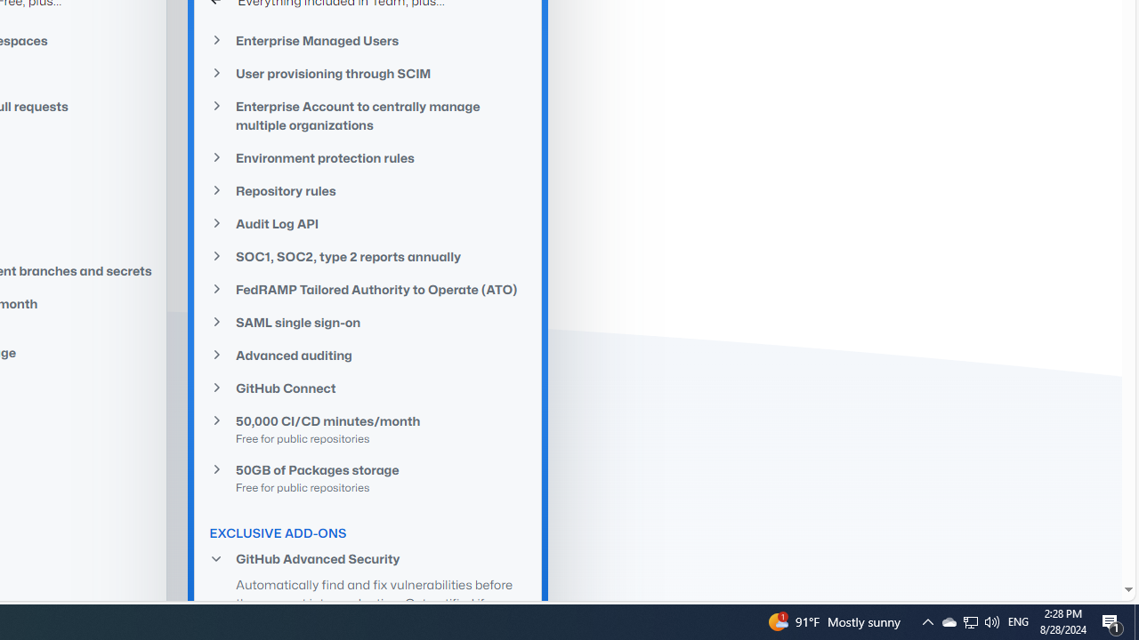 This screenshot has width=1139, height=640. I want to click on 'Enterprise Managed Users', so click(368, 40).